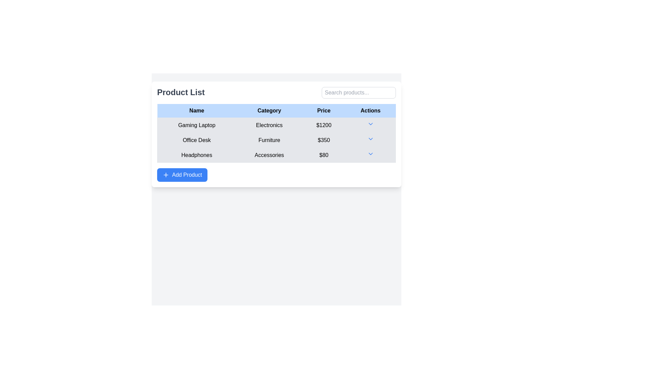 Image resolution: width=653 pixels, height=367 pixels. I want to click on the downward-facing blue arrow icon in the Actions column of the row labeled 'Headphones', so click(370, 155).